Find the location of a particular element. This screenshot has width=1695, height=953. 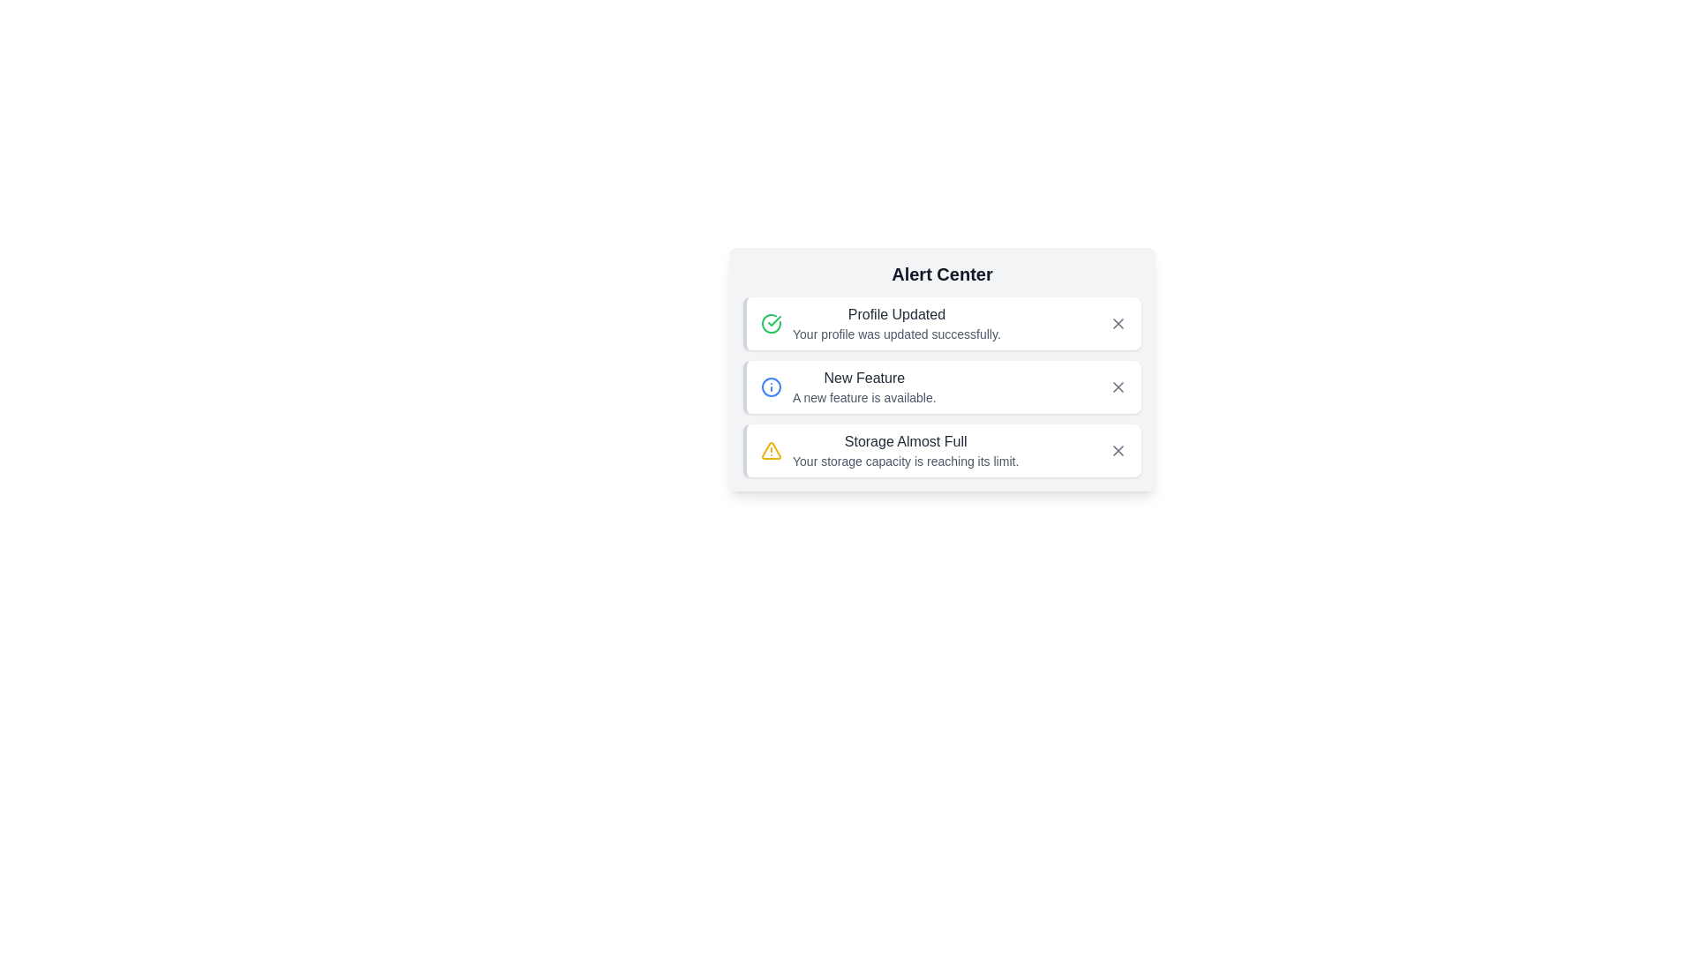

the alert icon that indicates 'Storage Almost Full', which is located to the left of the warning message at the bottom of the list is located at coordinates (771, 449).